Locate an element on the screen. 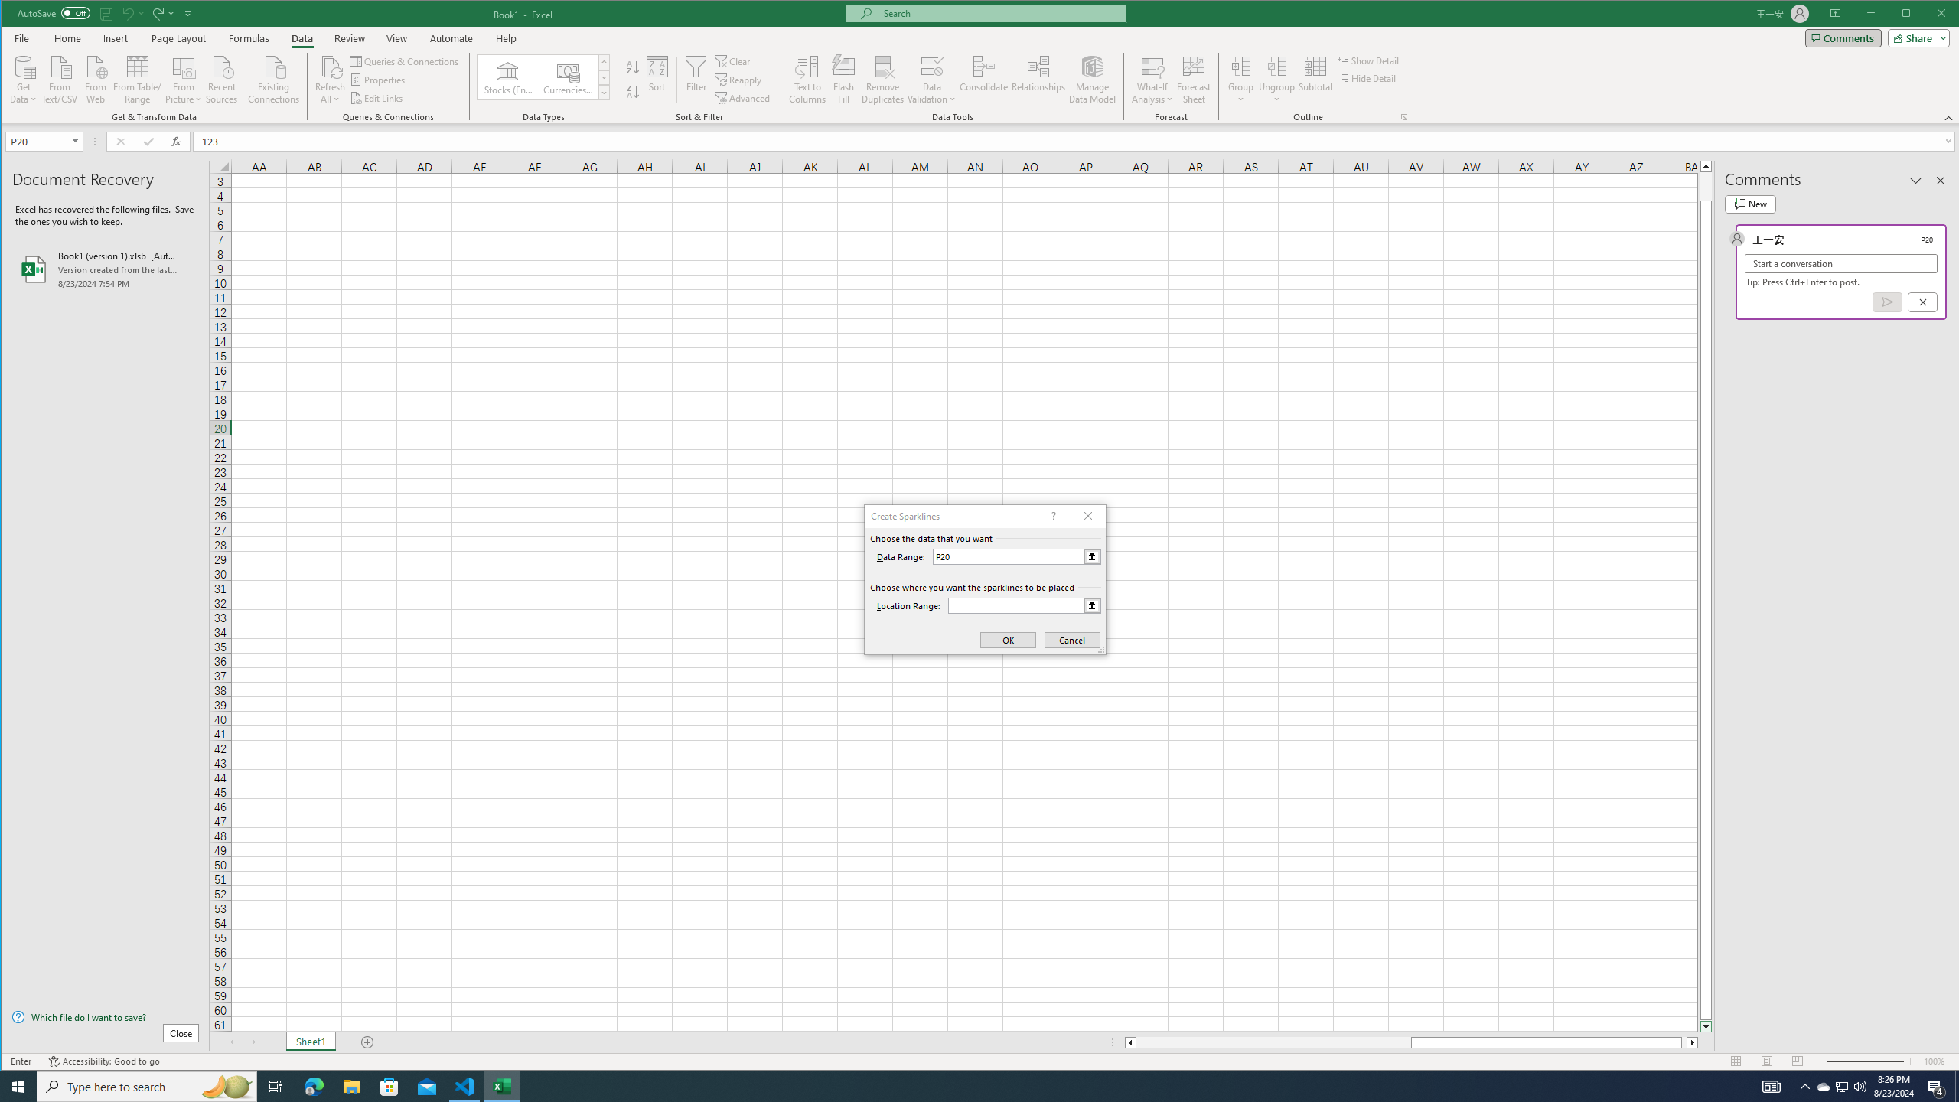 The image size is (1959, 1102). 'Consolidate...' is located at coordinates (983, 79).